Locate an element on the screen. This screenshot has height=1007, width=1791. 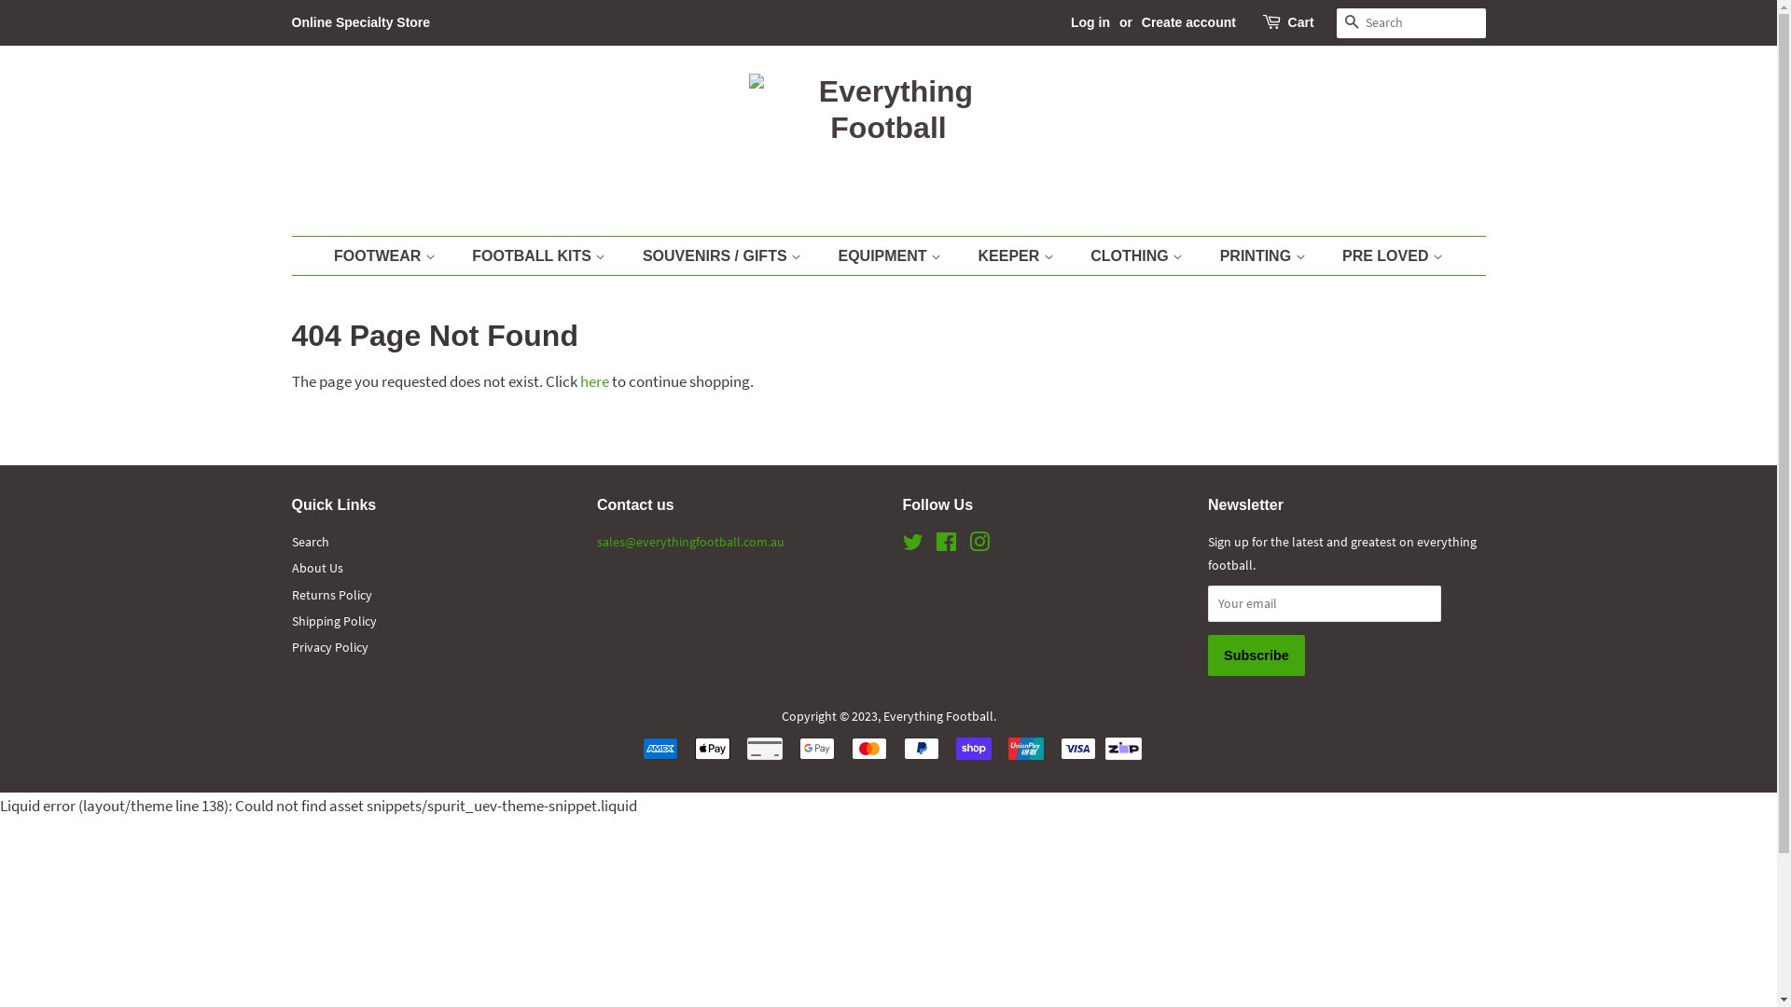
'Online Specialty Store' is located at coordinates (290, 21).